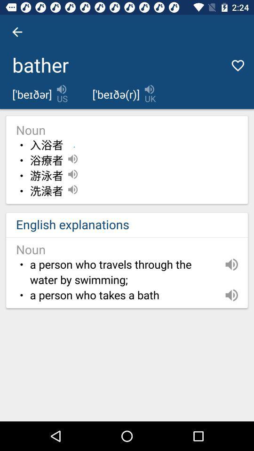 This screenshot has width=254, height=451. I want to click on the icon above the english explanations icon, so click(46, 191).